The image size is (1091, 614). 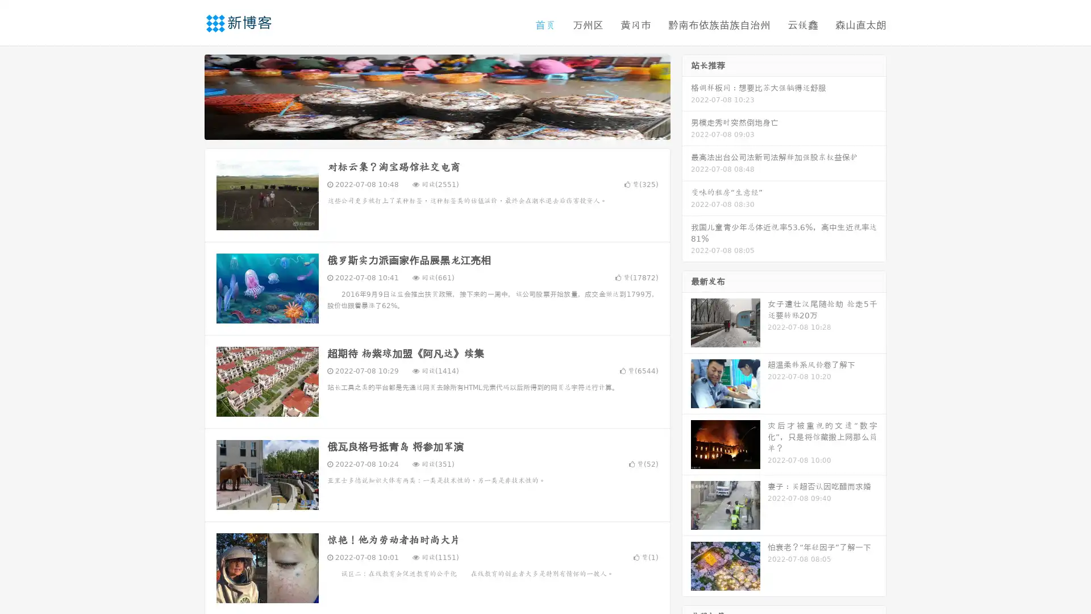 I want to click on Next slide, so click(x=686, y=96).